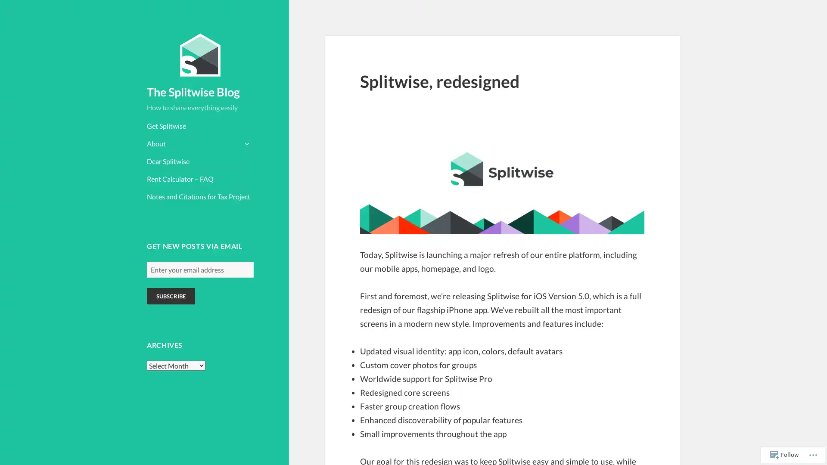  Describe the element at coordinates (246, 143) in the screenshot. I see `expand child menu` at that location.